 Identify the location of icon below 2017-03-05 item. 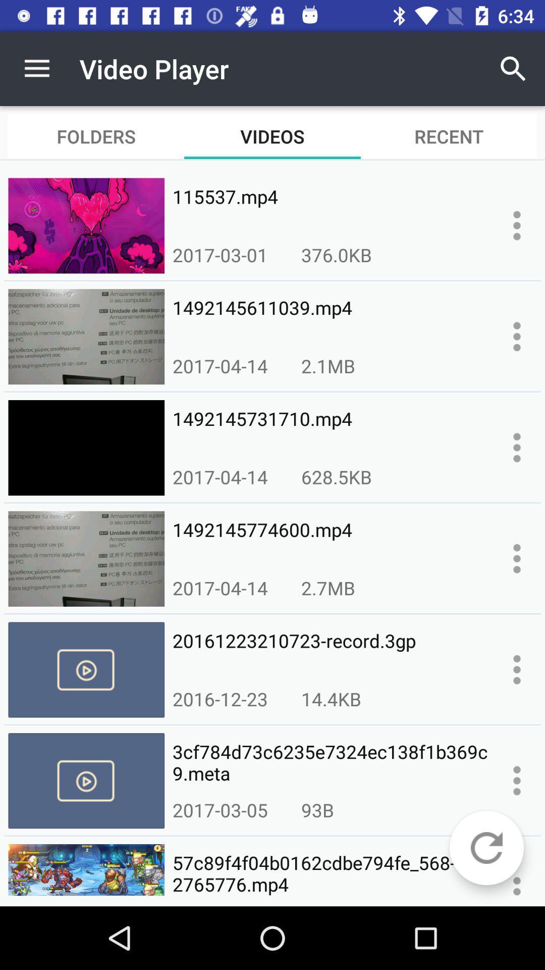
(331, 874).